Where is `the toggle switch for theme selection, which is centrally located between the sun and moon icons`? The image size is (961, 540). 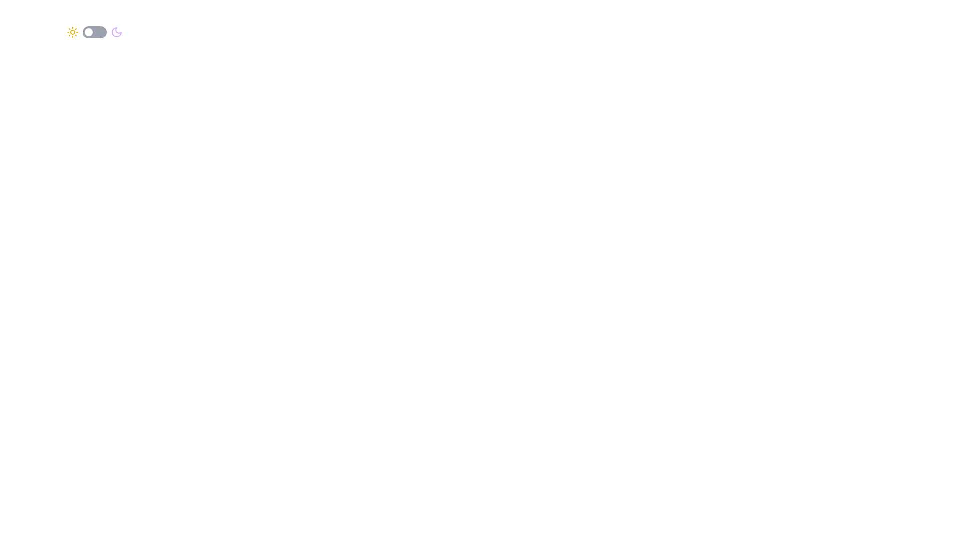 the toggle switch for theme selection, which is centrally located between the sun and moon icons is located at coordinates (94, 32).